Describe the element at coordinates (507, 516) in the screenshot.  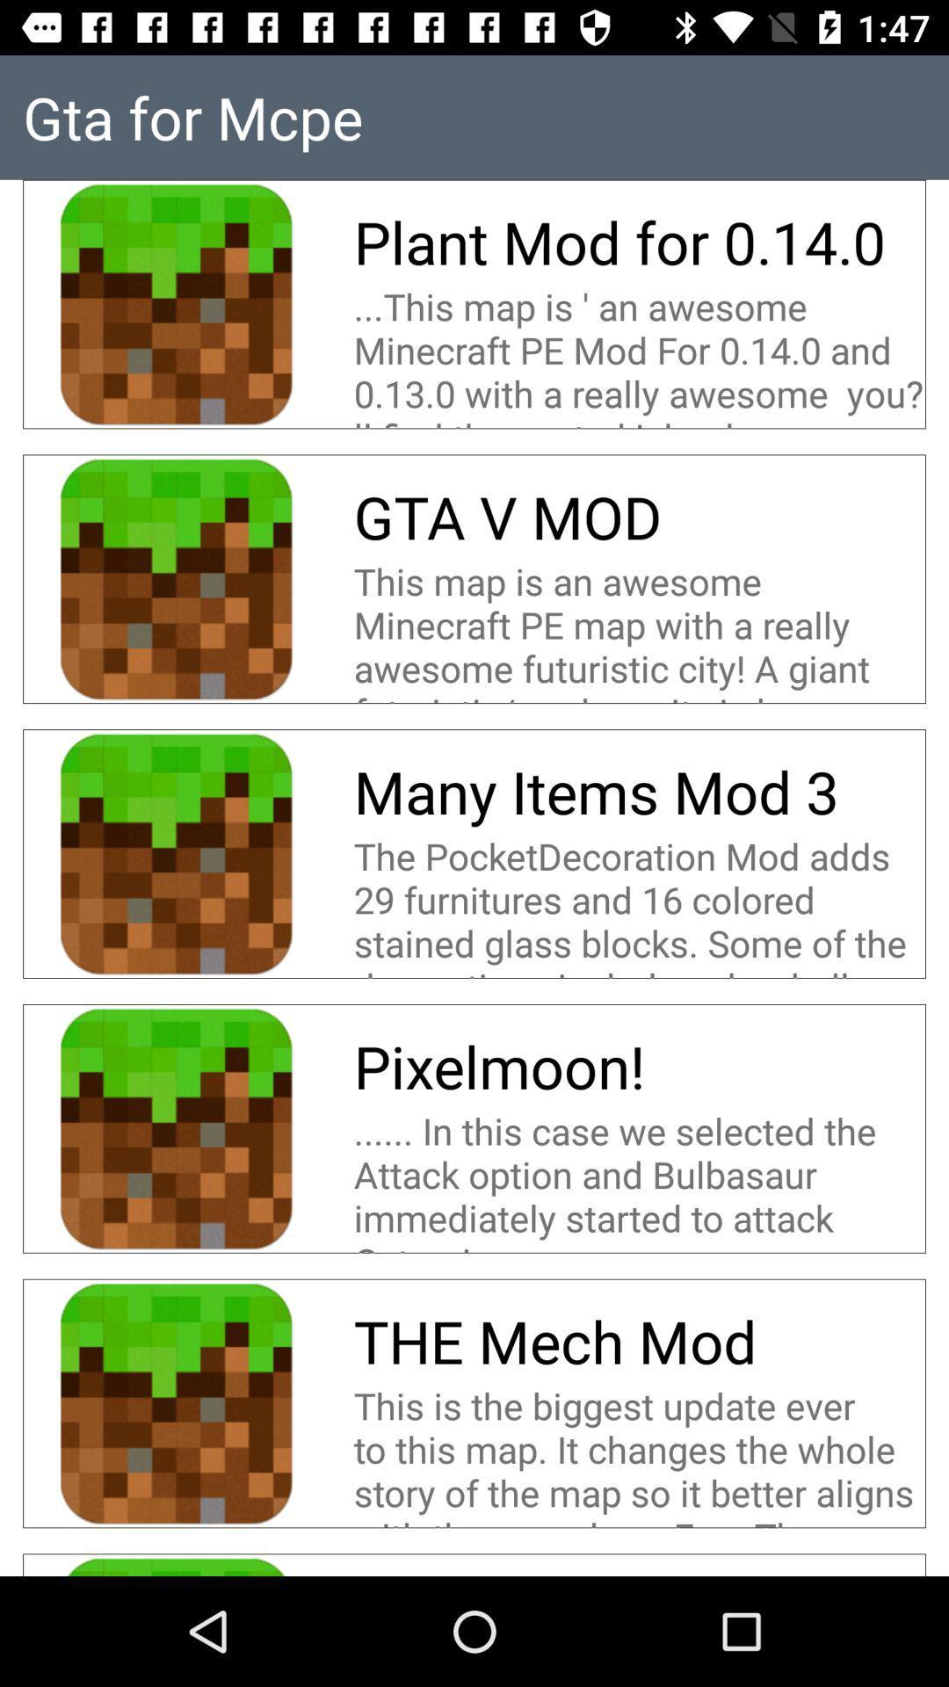
I see `the app above the this map is` at that location.